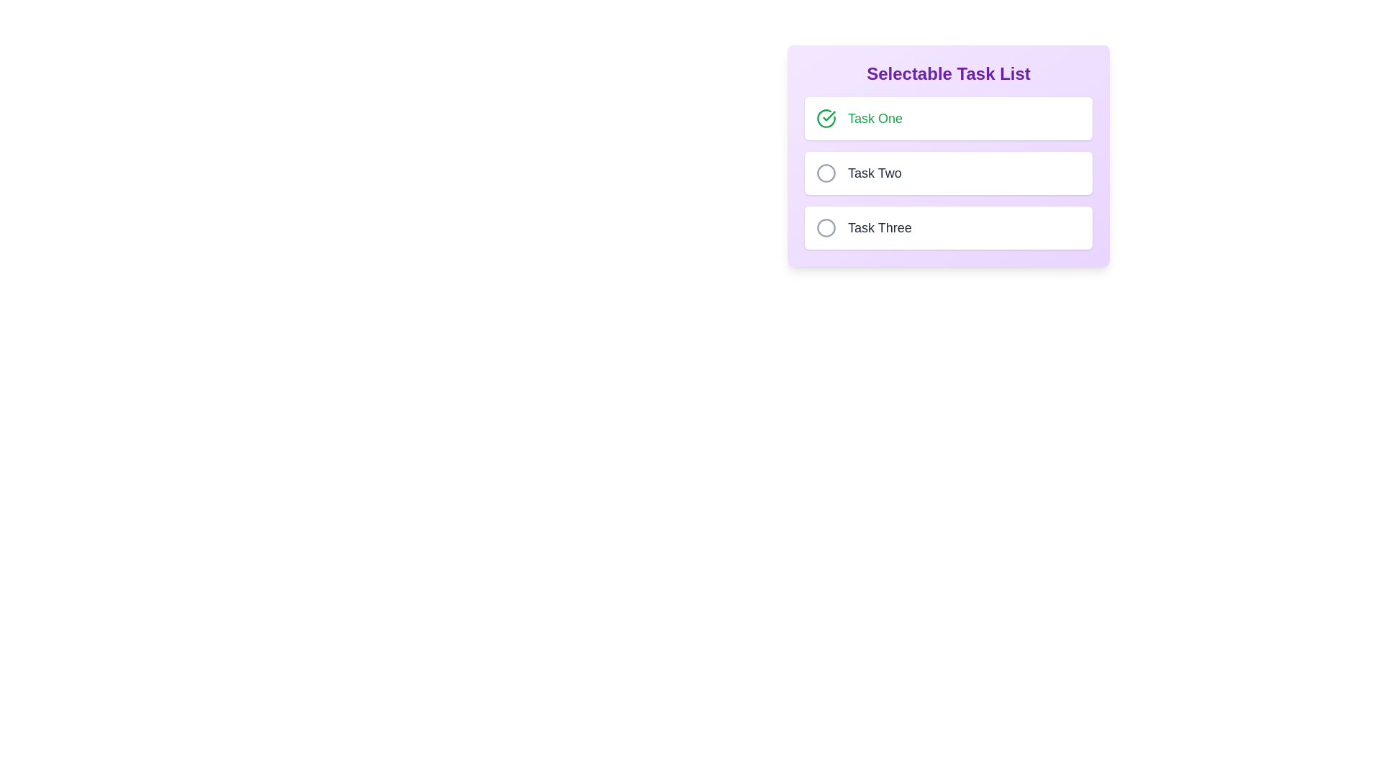 The image size is (1381, 777). I want to click on the 'Task Three' list item card, so click(949, 227).